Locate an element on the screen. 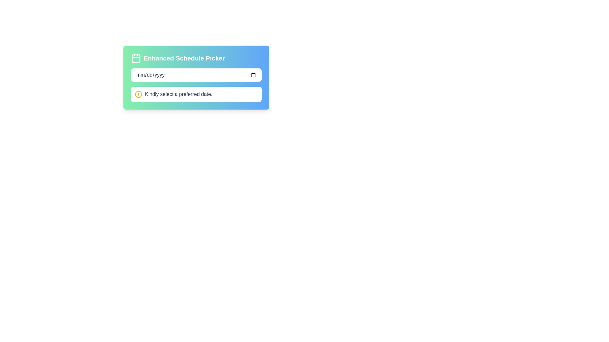 The width and height of the screenshot is (609, 342). the calendar icon located at the top-left of the 'Enhanced Schedule Picker' card, which features a minimalist design with rounded corners and two vertical lines for dates is located at coordinates (135, 58).